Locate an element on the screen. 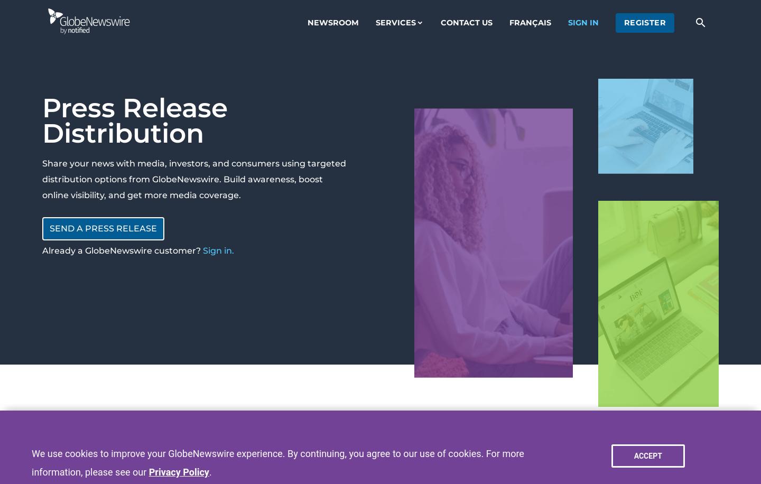  'Share your news with media, investors, and consumers using targeted distribution options from GlobeNewswire. Build awareness, boost online visibility, and get more media coverage.' is located at coordinates (193, 179).